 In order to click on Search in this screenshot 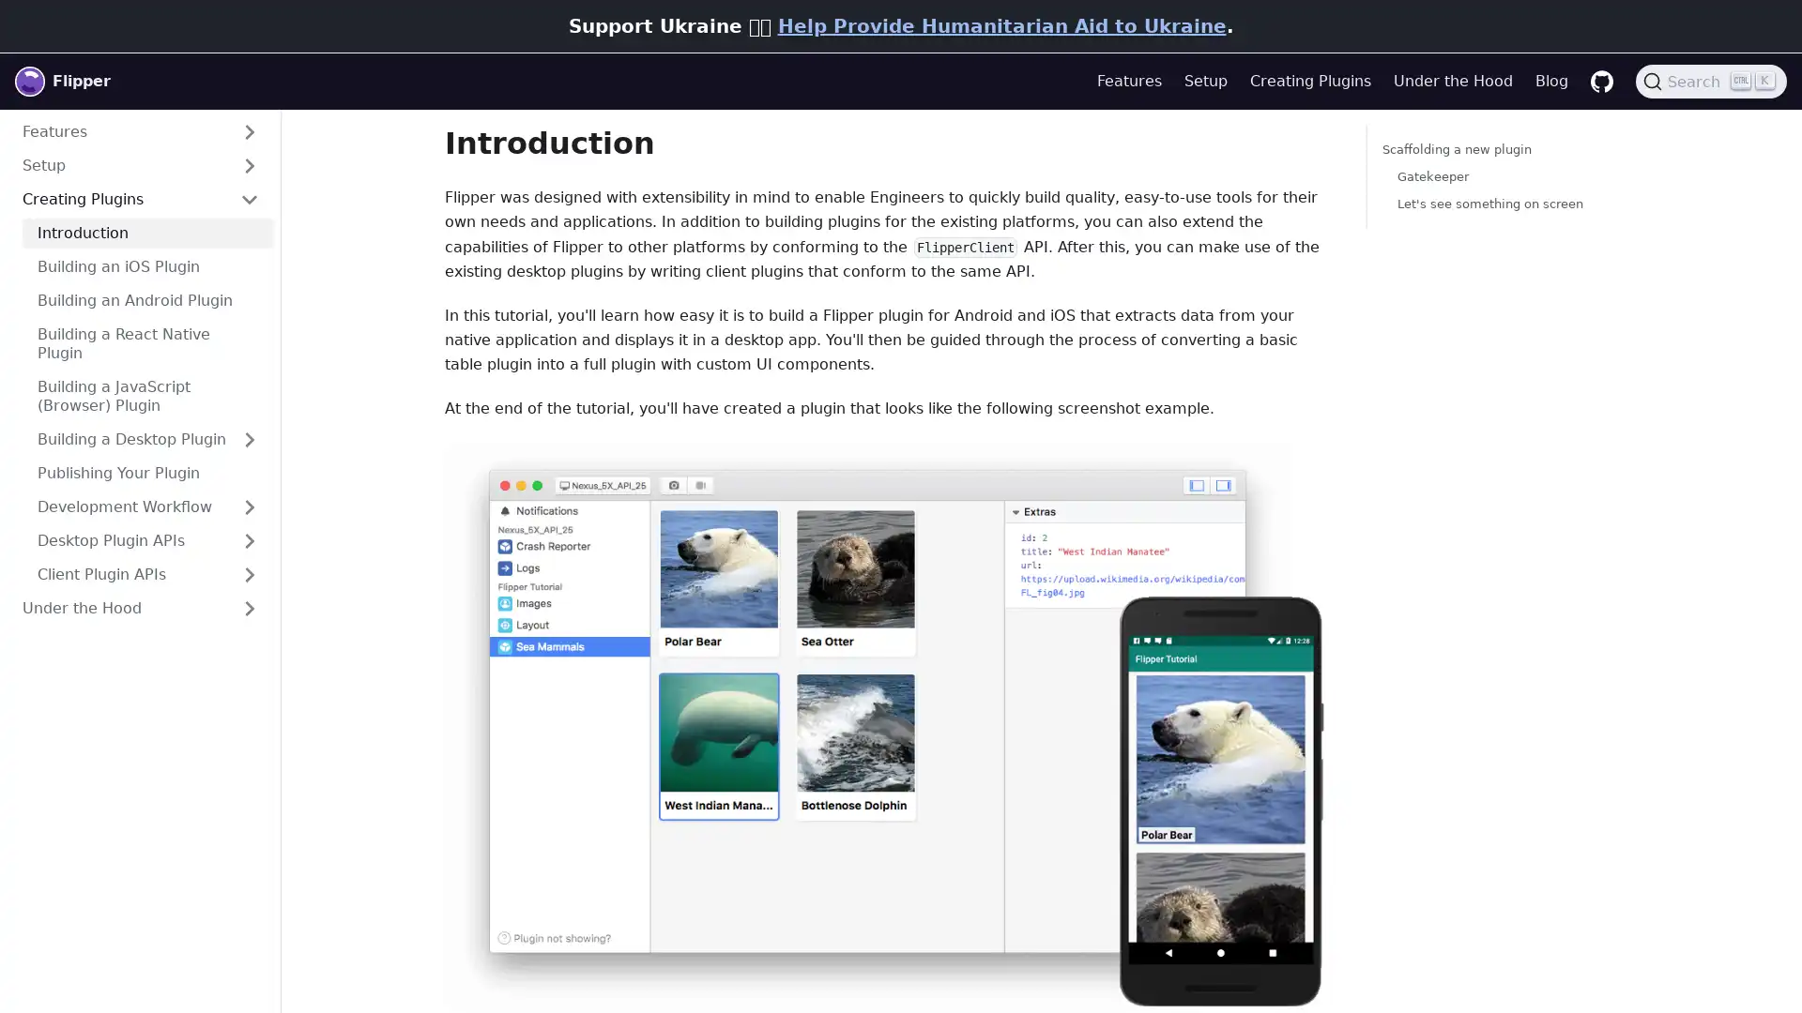, I will do `click(1711, 81)`.